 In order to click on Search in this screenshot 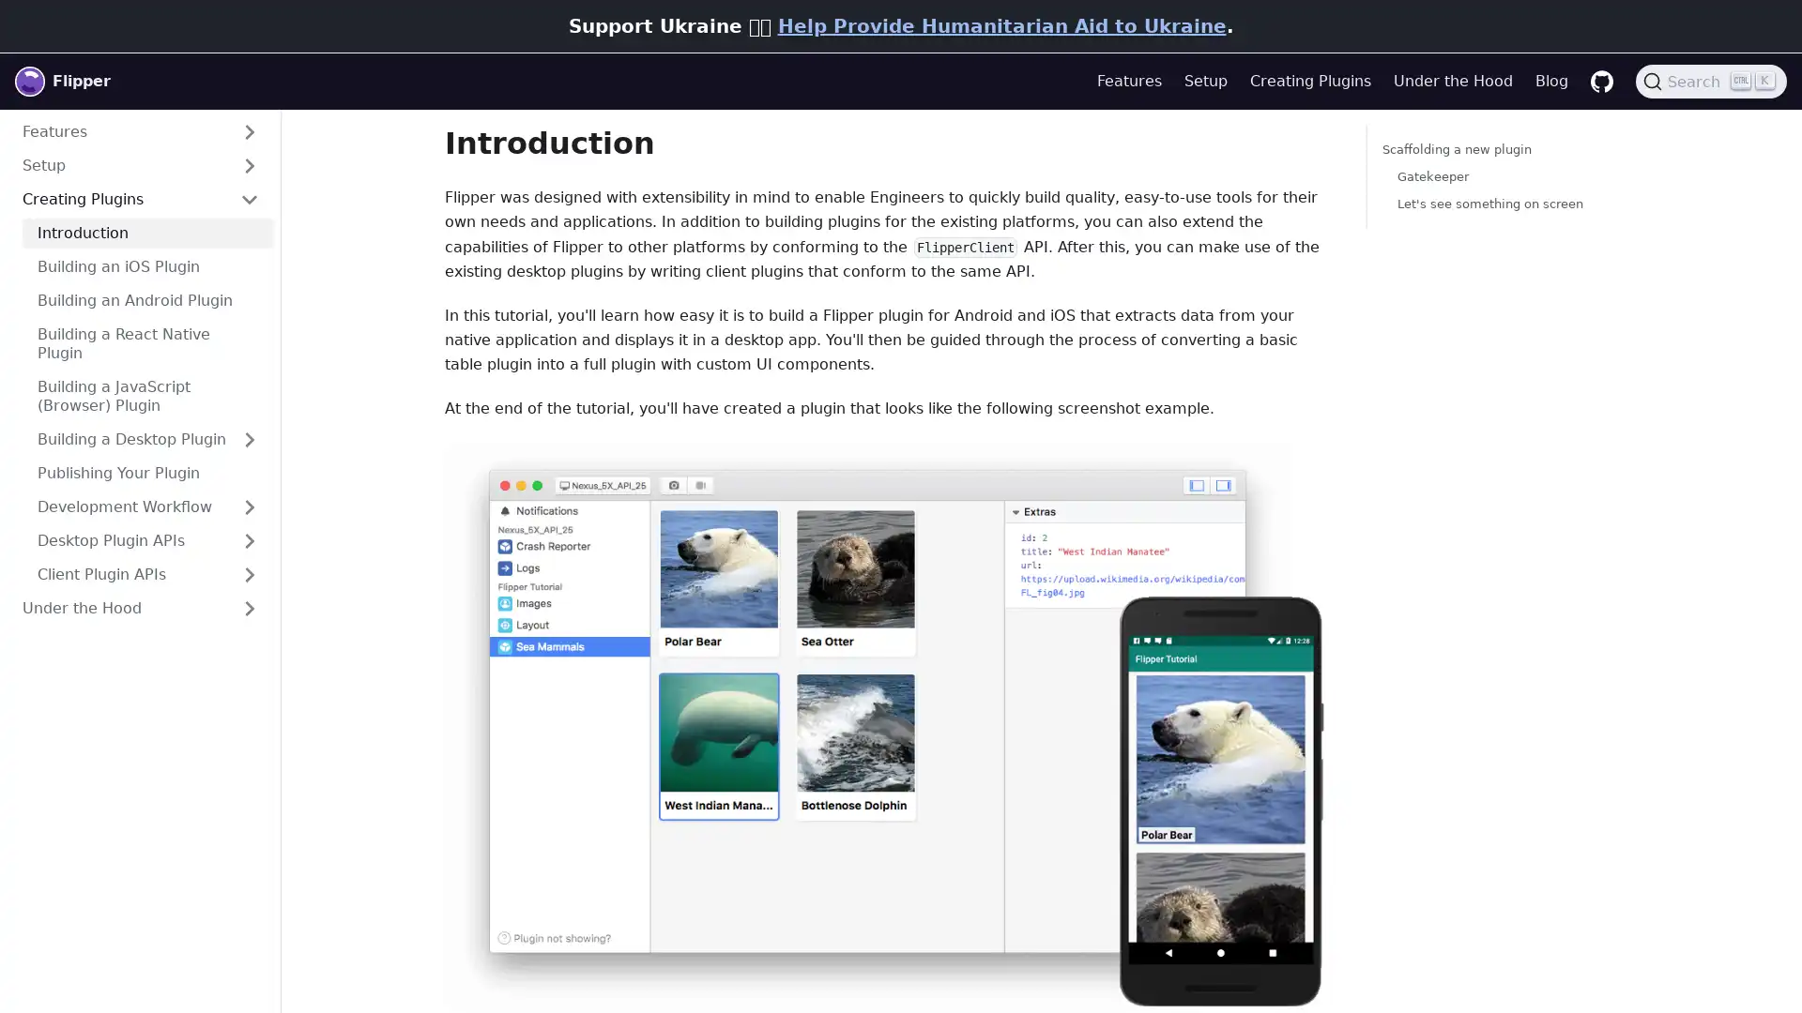, I will do `click(1711, 81)`.